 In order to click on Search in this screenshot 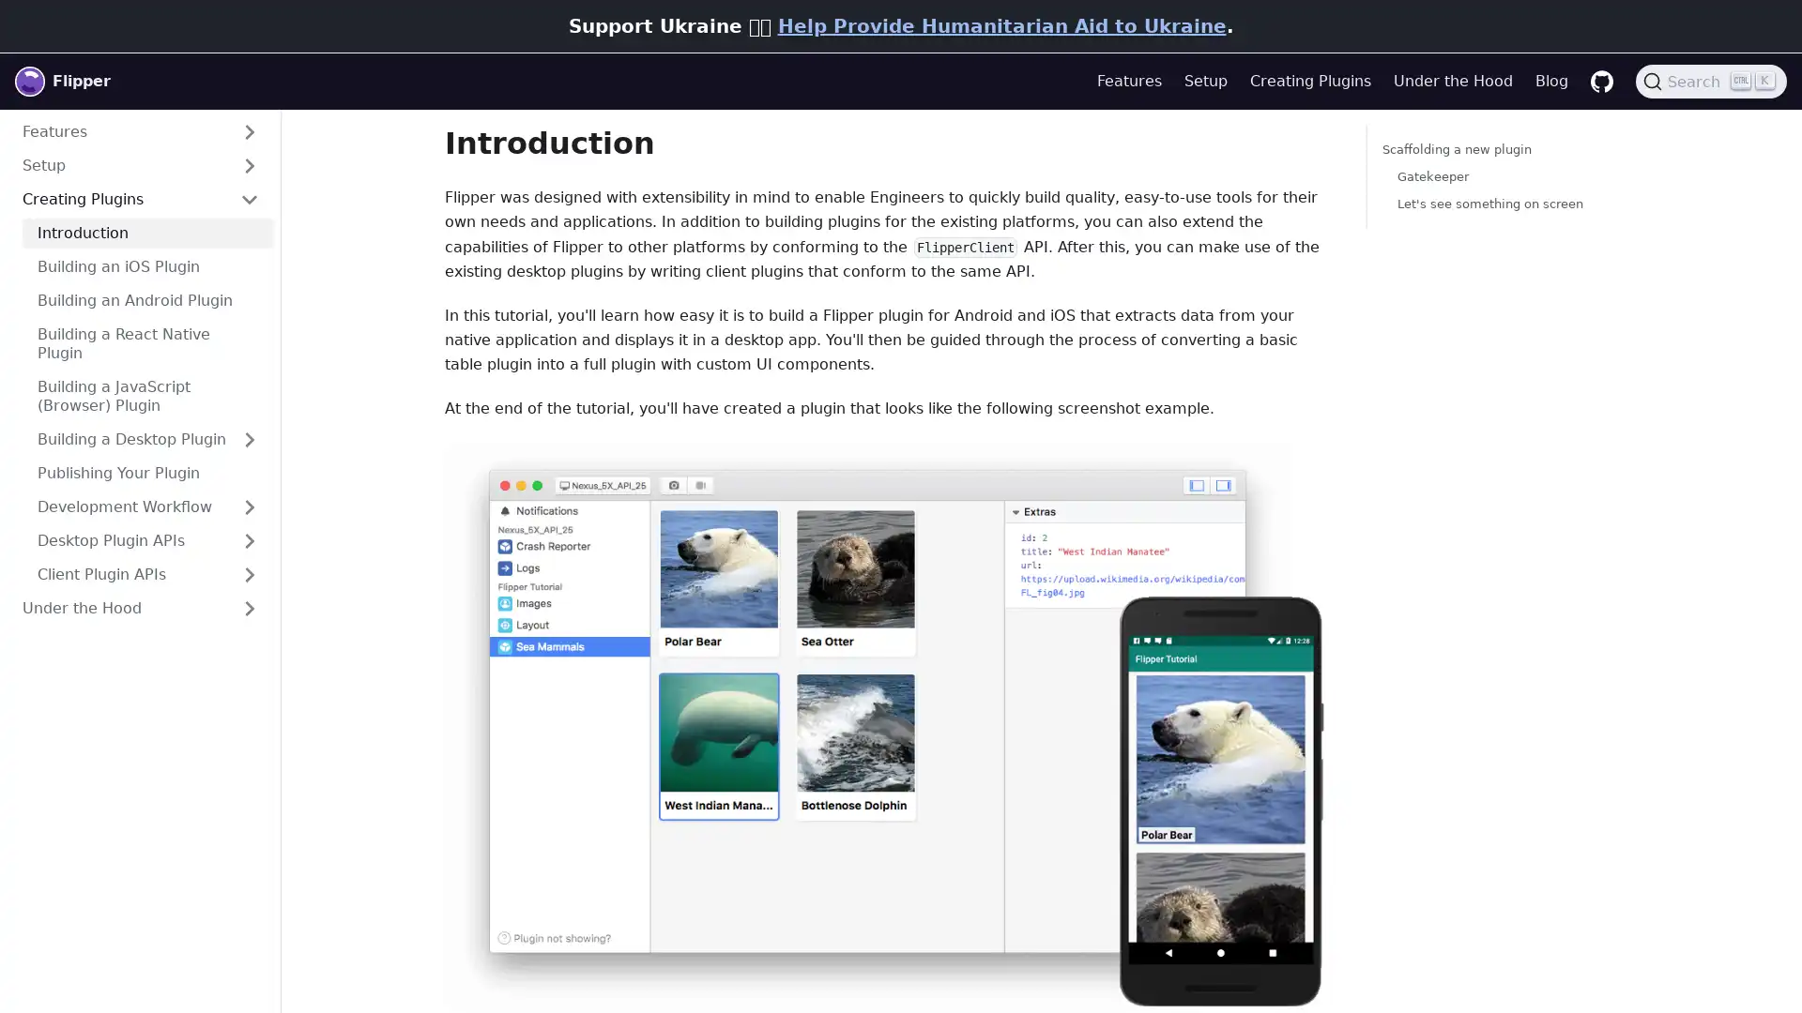, I will do `click(1711, 81)`.